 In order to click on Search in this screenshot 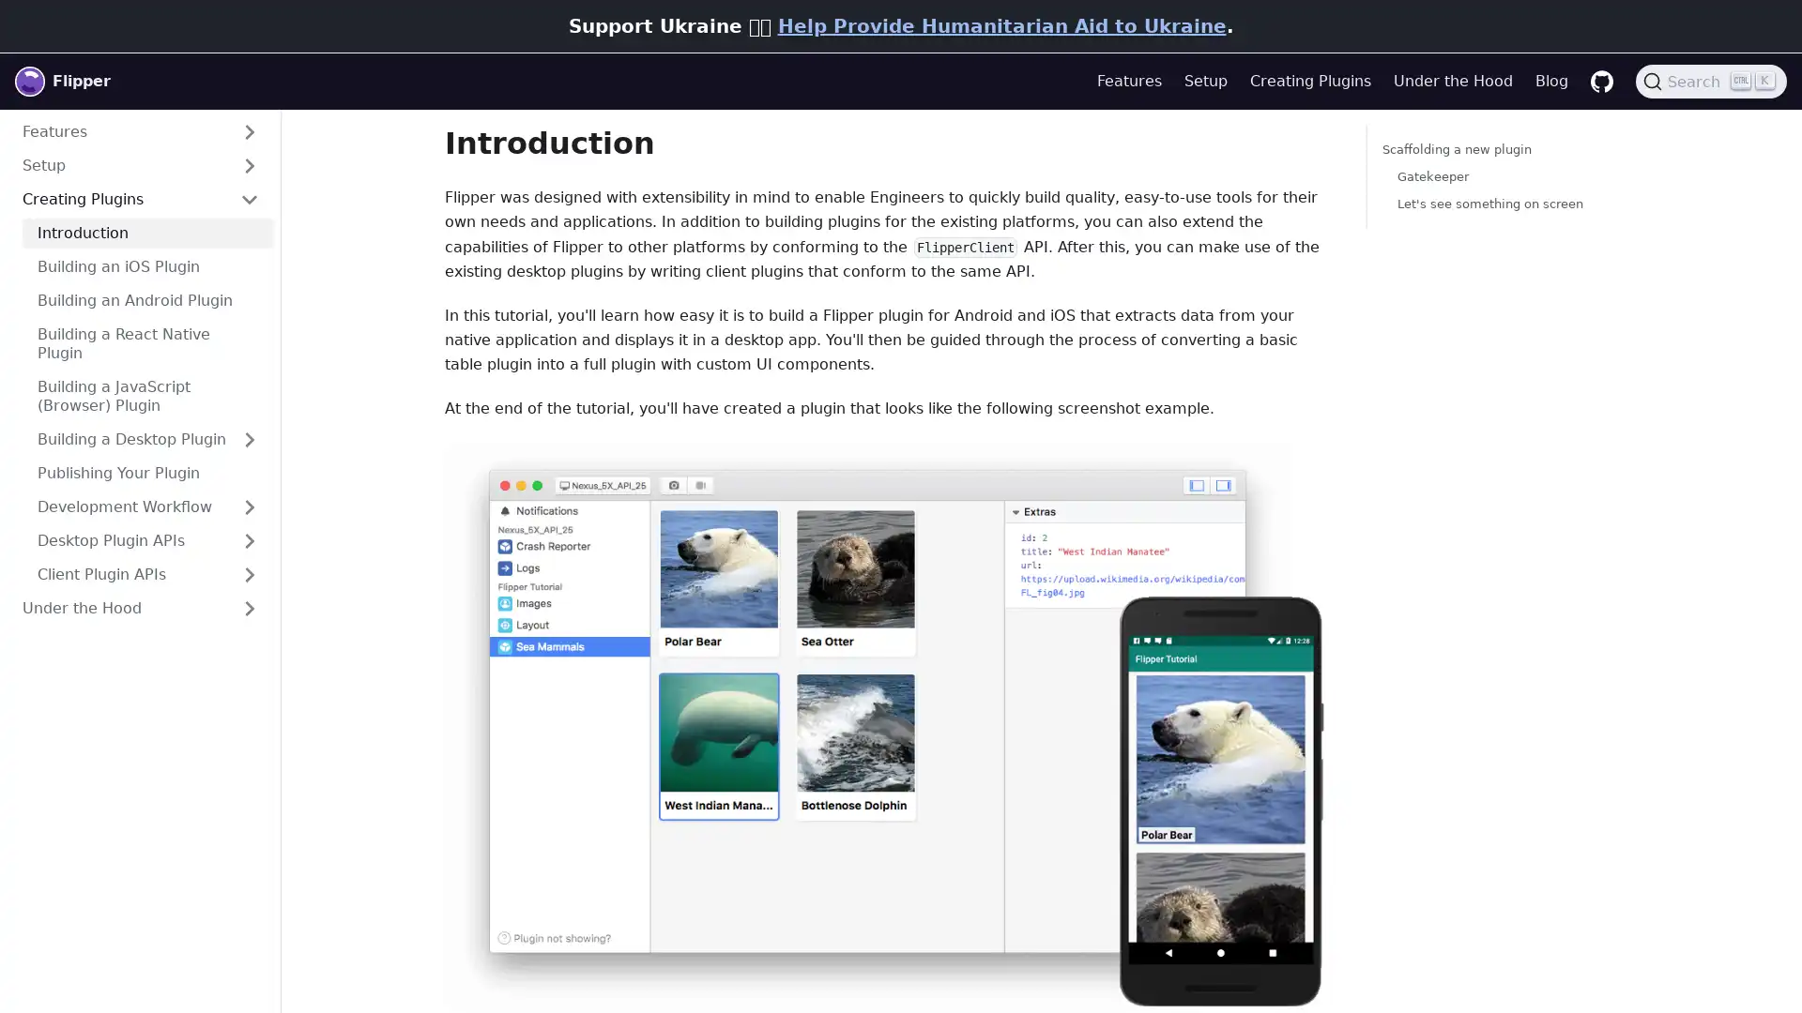, I will do `click(1711, 81)`.